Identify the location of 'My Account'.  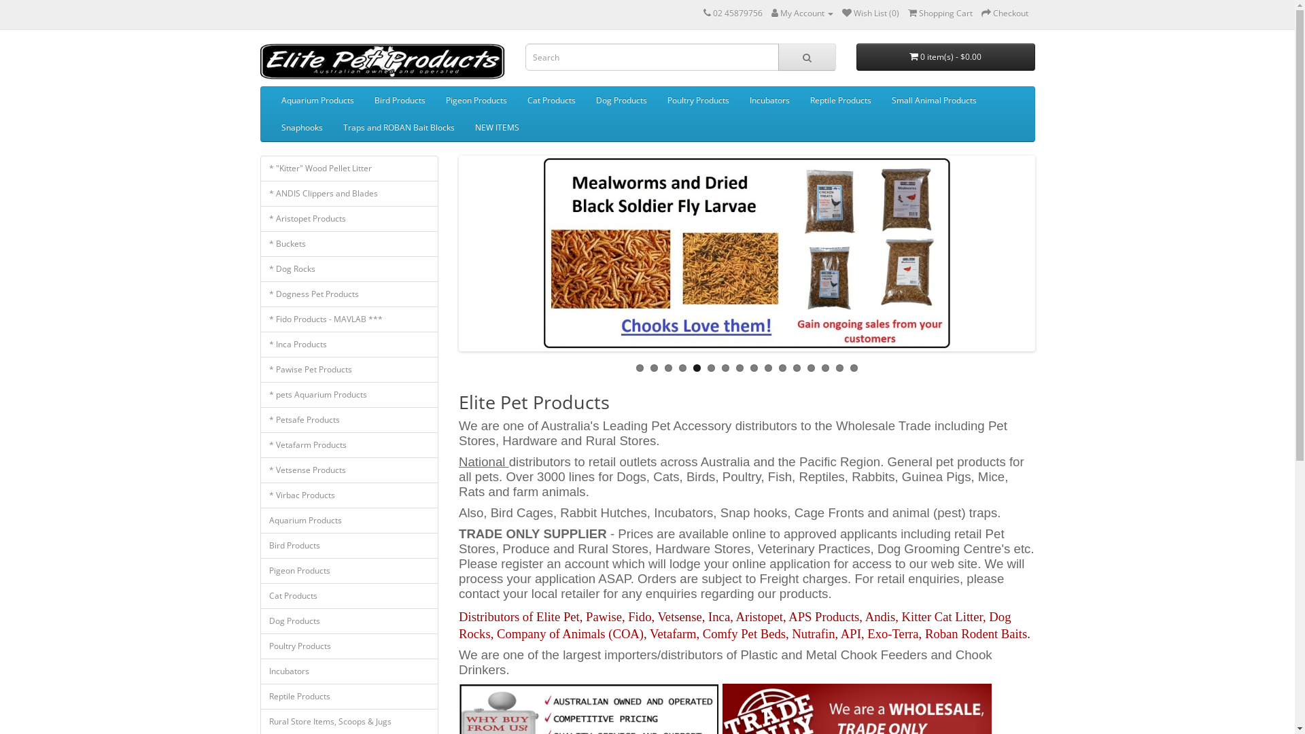
(801, 13).